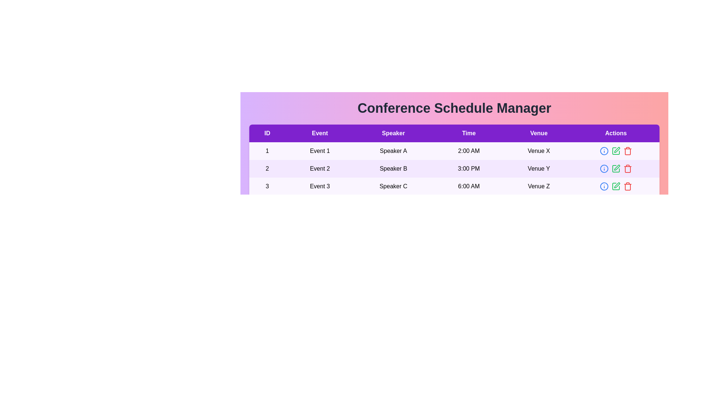 This screenshot has height=398, width=707. What do you see at coordinates (454, 150) in the screenshot?
I see `the row corresponding to 1` at bounding box center [454, 150].